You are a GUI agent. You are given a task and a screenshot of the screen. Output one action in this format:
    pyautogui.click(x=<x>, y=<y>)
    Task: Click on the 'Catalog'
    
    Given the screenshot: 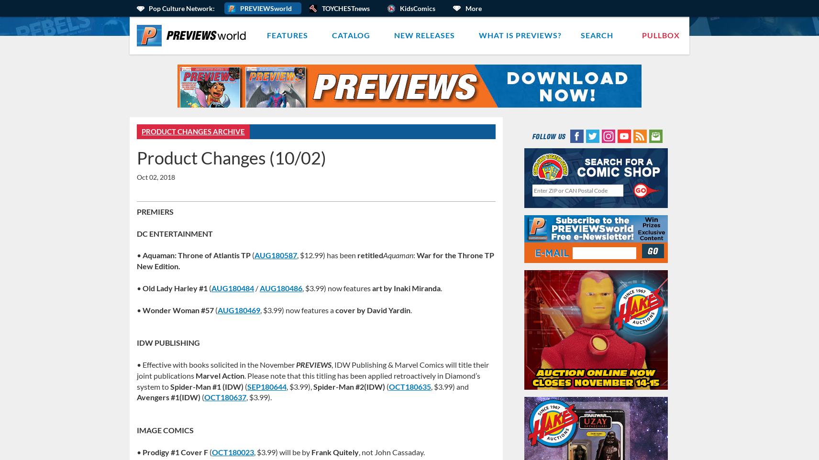 What is the action you would take?
    pyautogui.click(x=351, y=35)
    